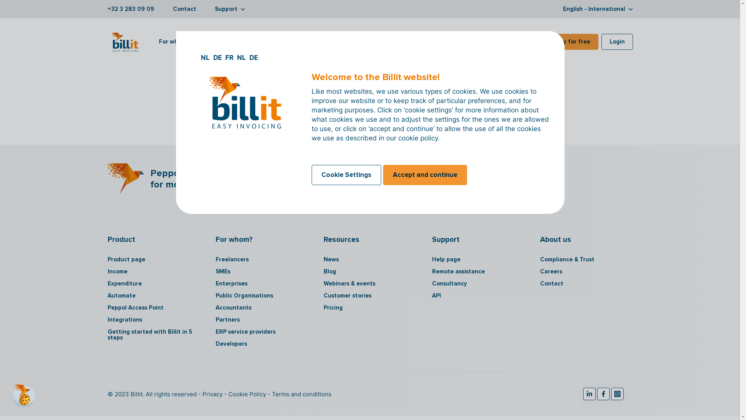  Describe the element at coordinates (617, 41) in the screenshot. I see `'Login'` at that location.